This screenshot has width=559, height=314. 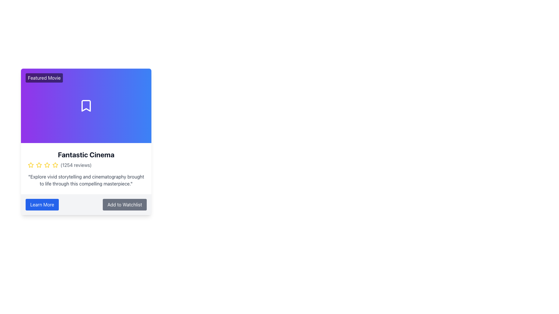 I want to click on the Text Label that displays the review count next to the yellow star icons in the rating section of the card titled 'Fantastic Cinema', so click(x=76, y=165).